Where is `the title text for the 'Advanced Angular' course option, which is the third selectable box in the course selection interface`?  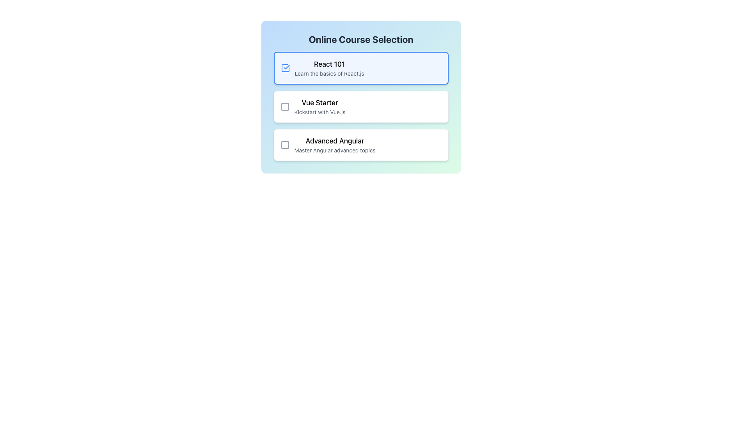
the title text for the 'Advanced Angular' course option, which is the third selectable box in the course selection interface is located at coordinates (335, 141).